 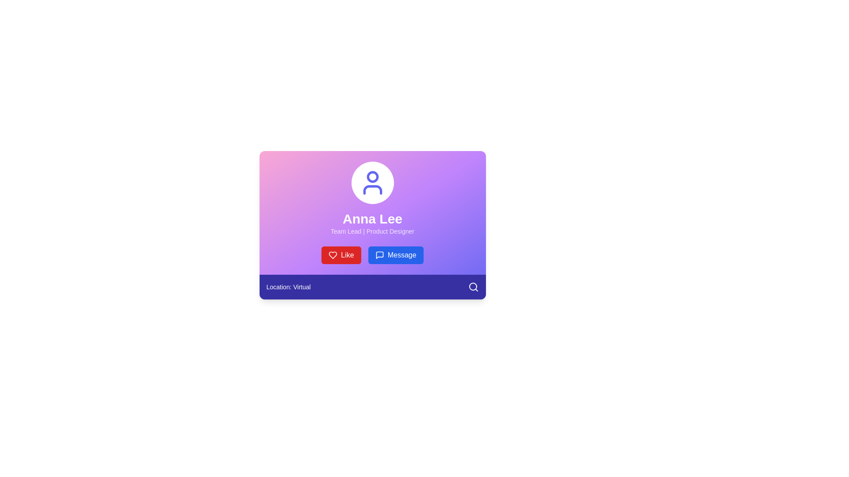 I want to click on the bold red heart icon, which is part of the 'Like' button located to the left of the 'Message' button, so click(x=333, y=255).